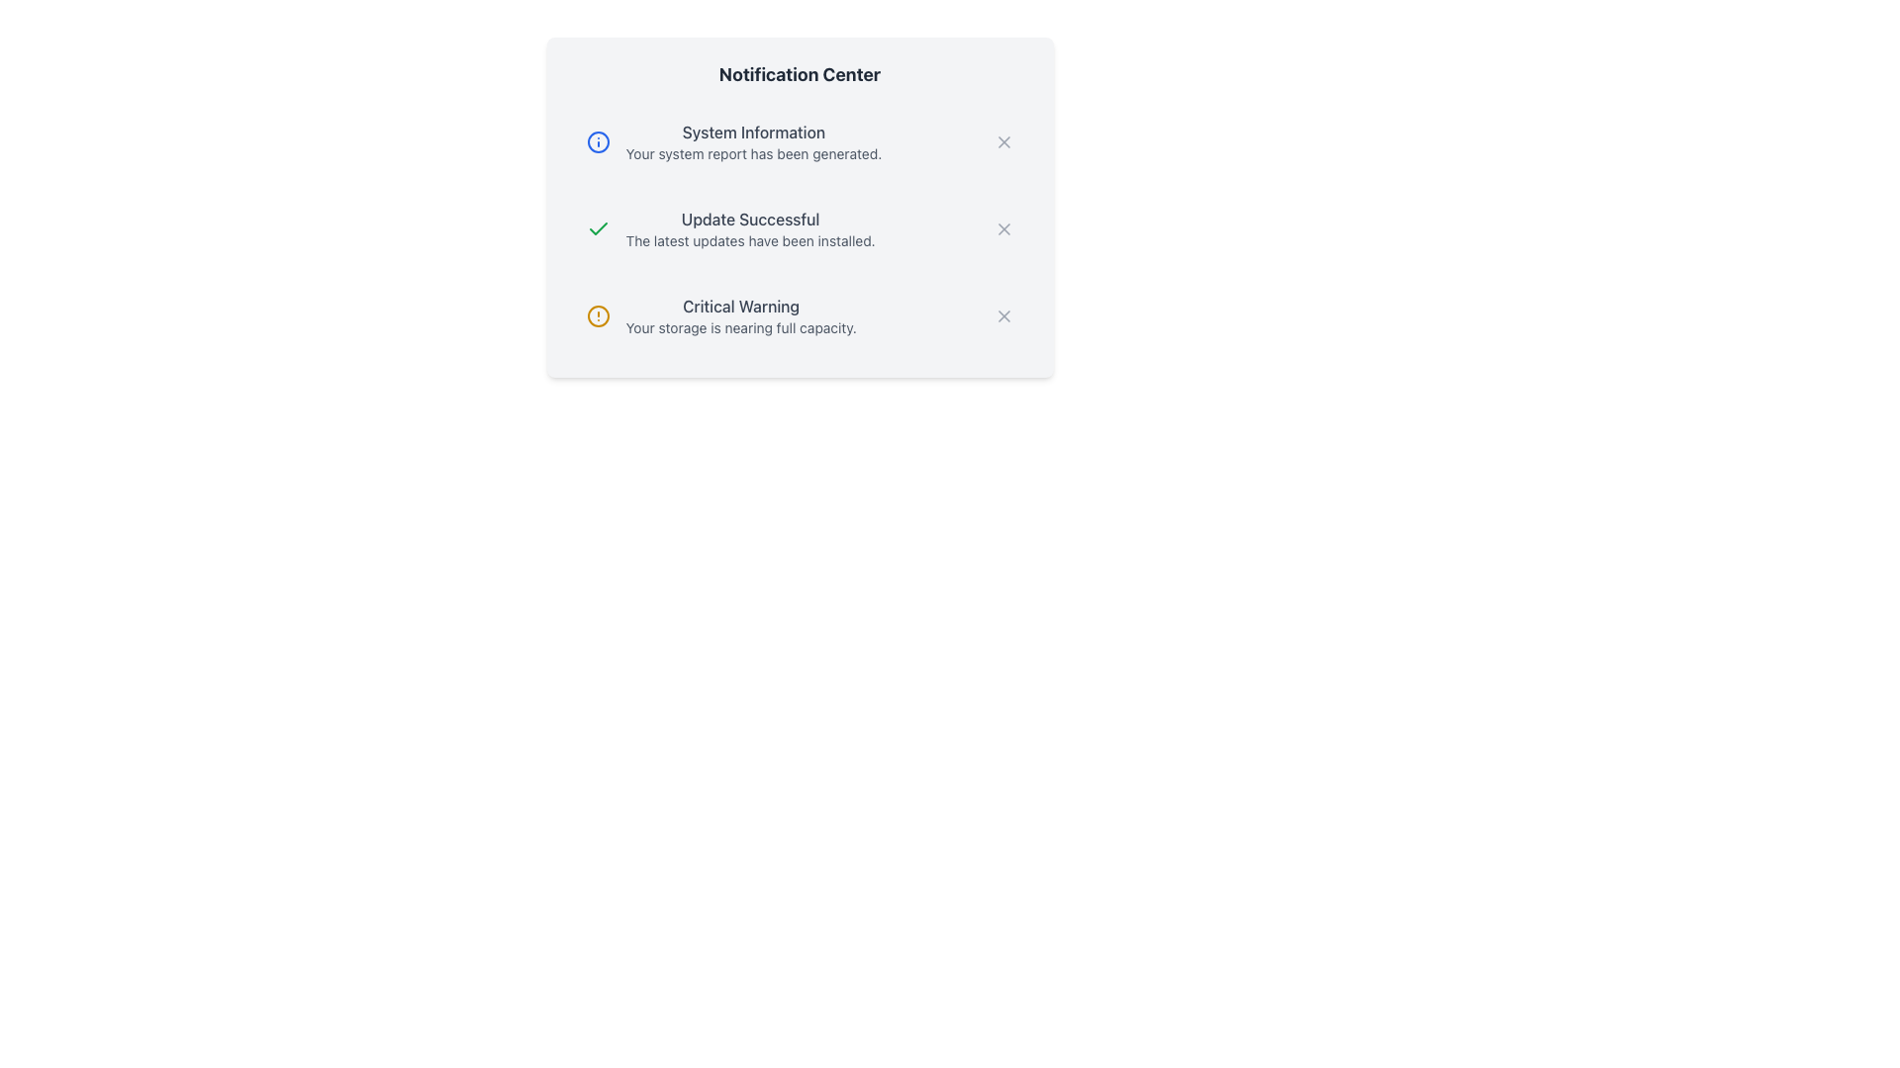 The width and height of the screenshot is (1900, 1068). What do you see at coordinates (800, 207) in the screenshot?
I see `the Notification Item displaying 'Update Successful' which informs the user about system updates` at bounding box center [800, 207].